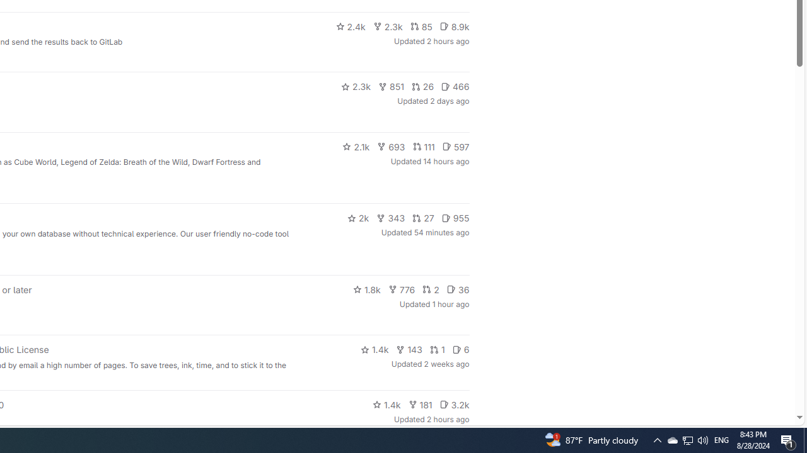  Describe the element at coordinates (351, 26) in the screenshot. I see `'2.4k'` at that location.